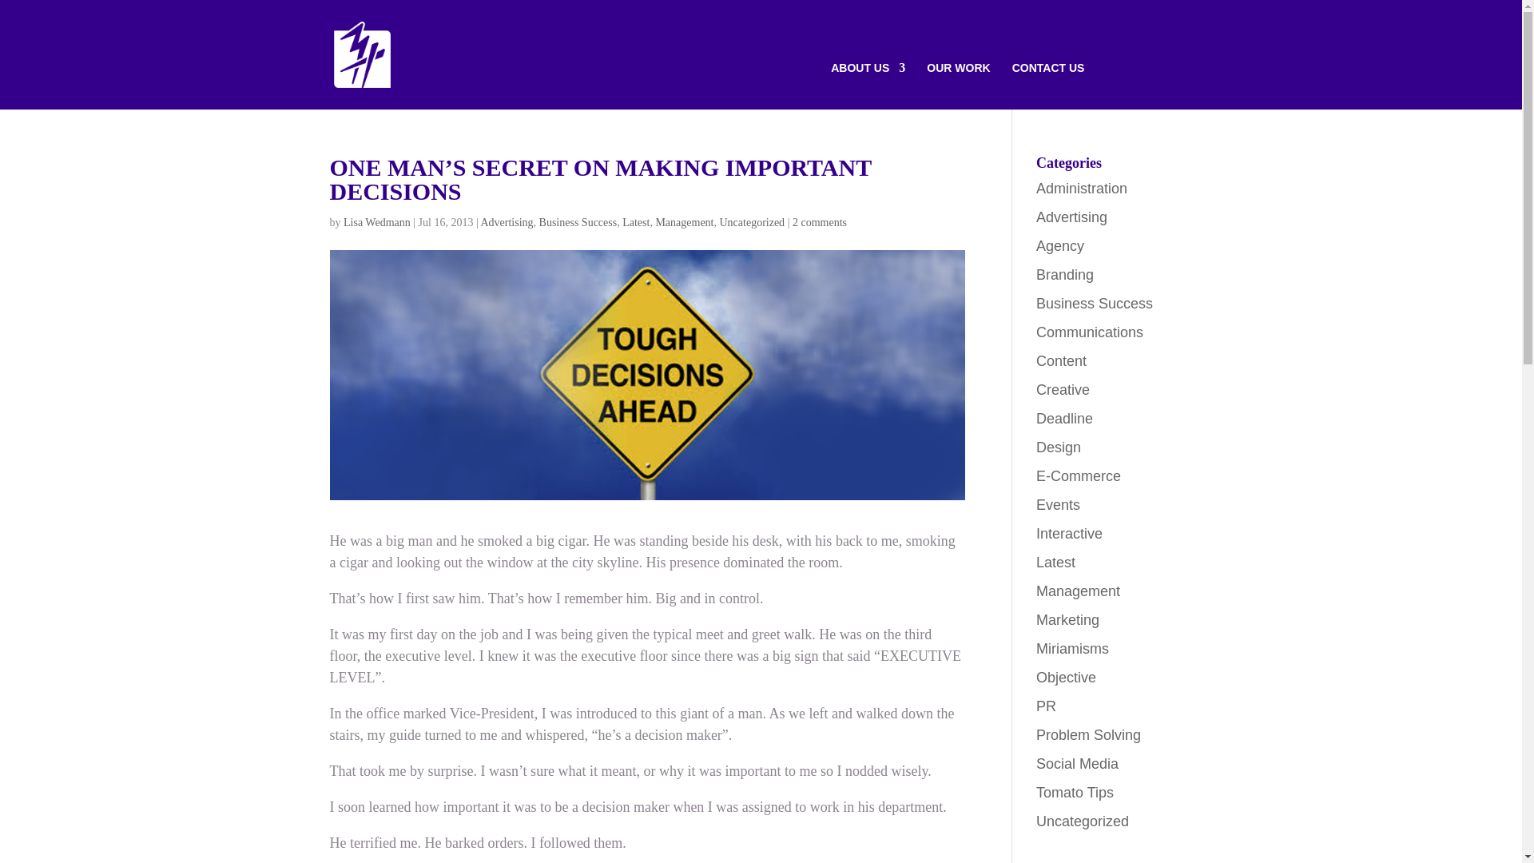  What do you see at coordinates (1071, 217) in the screenshot?
I see `'Advertising'` at bounding box center [1071, 217].